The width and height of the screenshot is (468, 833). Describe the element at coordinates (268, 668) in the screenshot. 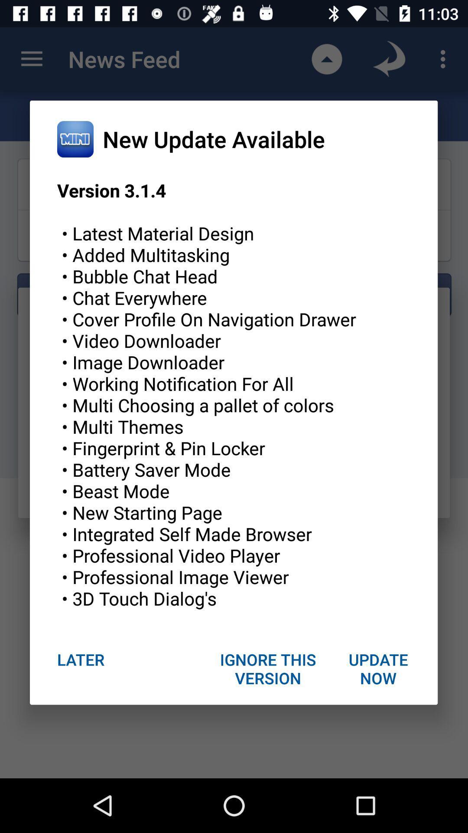

I see `icon next to the update` at that location.